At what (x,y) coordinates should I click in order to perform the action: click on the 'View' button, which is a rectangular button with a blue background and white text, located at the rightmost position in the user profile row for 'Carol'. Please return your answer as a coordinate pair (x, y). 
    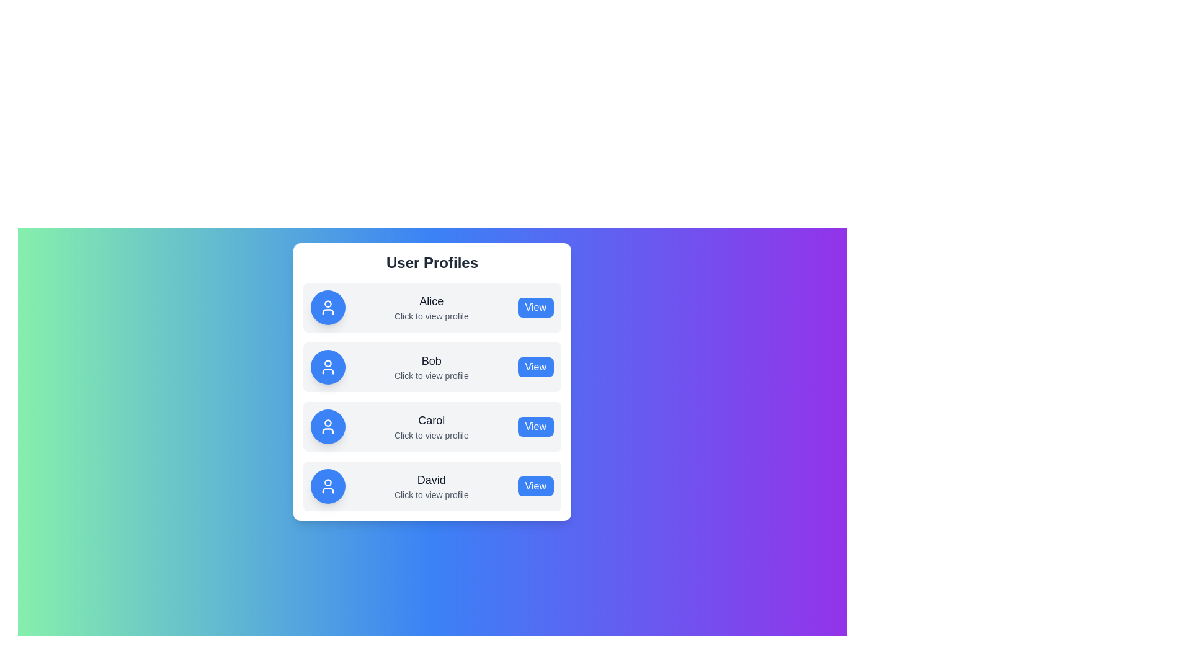
    Looking at the image, I should click on (535, 426).